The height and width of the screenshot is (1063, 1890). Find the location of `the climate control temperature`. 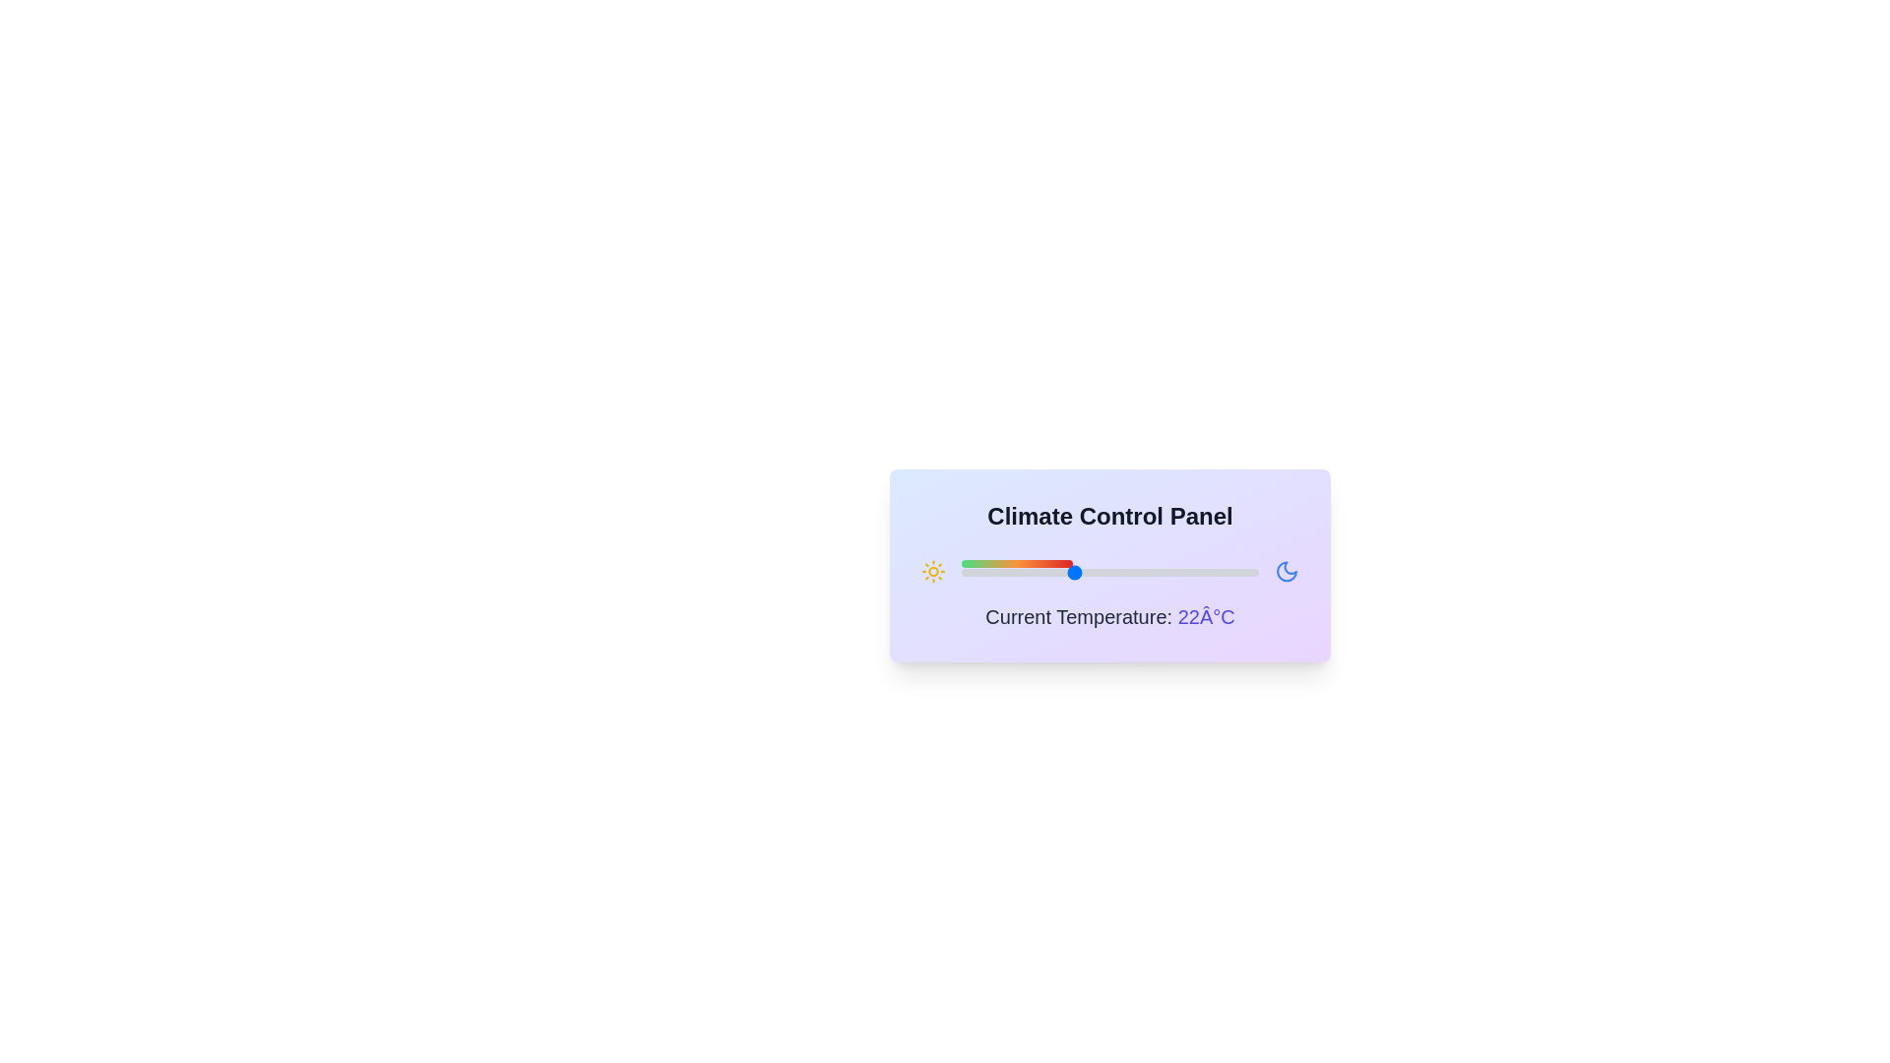

the climate control temperature is located at coordinates (1072, 573).